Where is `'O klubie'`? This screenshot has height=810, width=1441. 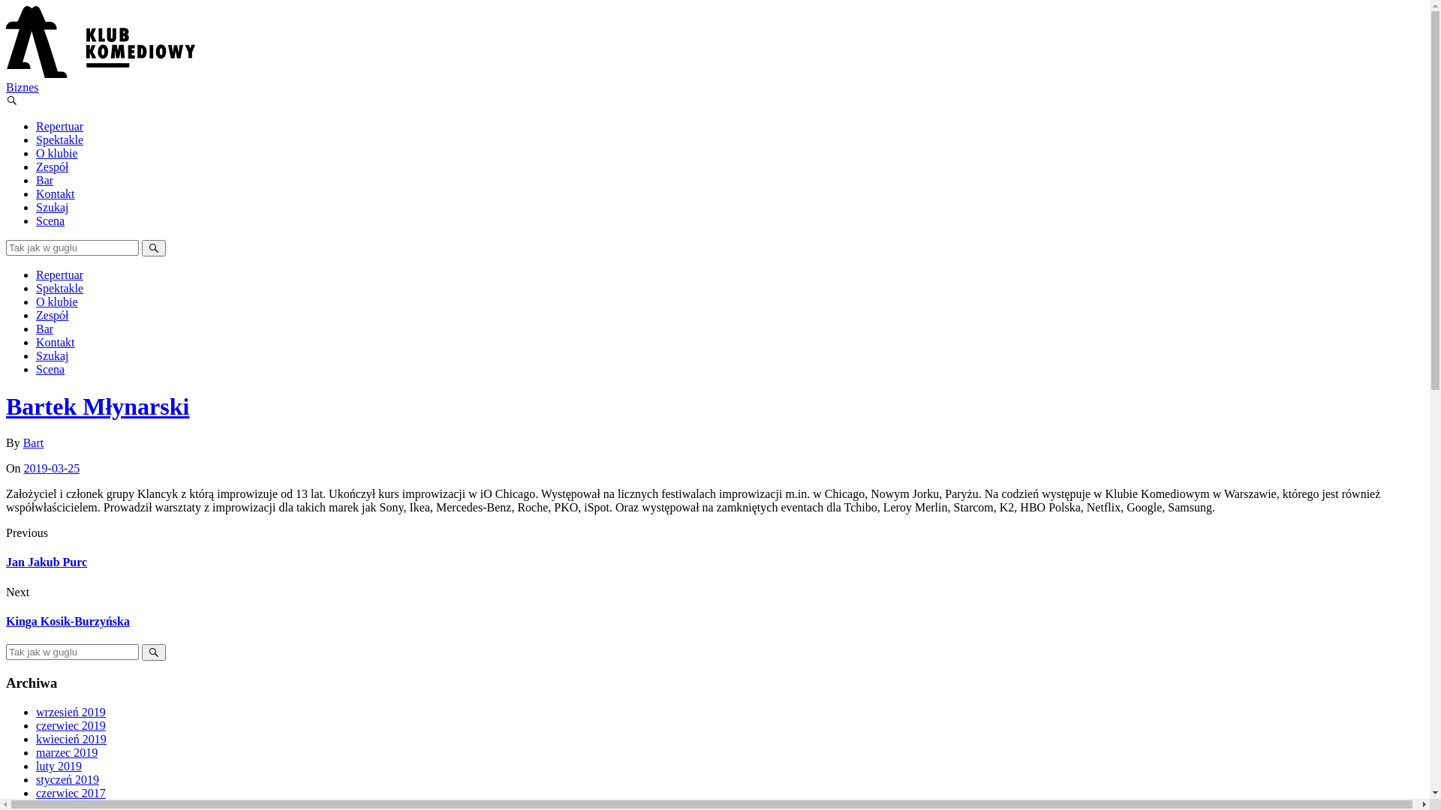 'O klubie' is located at coordinates (57, 301).